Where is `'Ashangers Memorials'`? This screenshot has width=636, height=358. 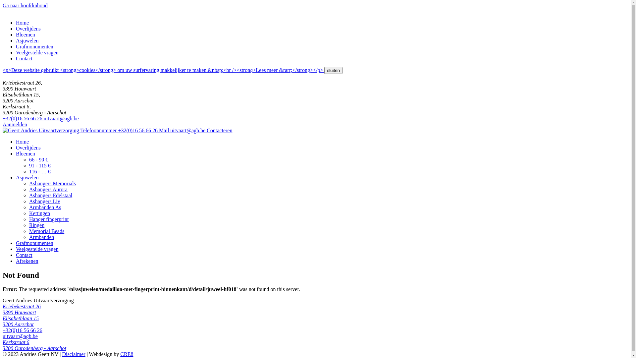
'Ashangers Memorials' is located at coordinates (52, 183).